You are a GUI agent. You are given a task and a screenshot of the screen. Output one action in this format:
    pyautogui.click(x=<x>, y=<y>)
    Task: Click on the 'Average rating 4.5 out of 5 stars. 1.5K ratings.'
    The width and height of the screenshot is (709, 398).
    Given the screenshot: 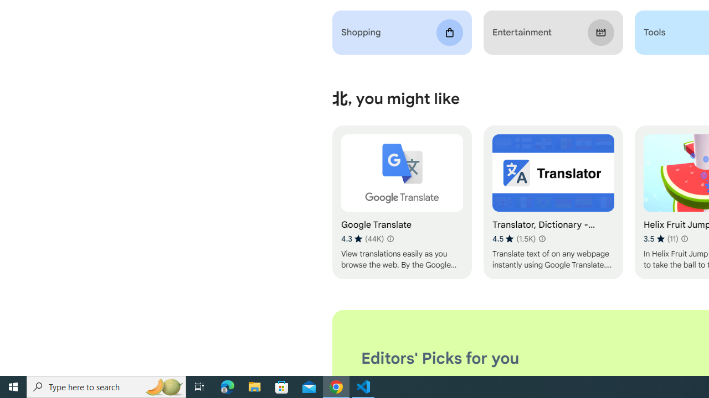 What is the action you would take?
    pyautogui.click(x=513, y=238)
    